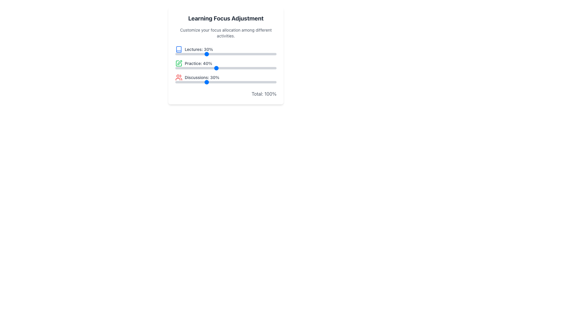  Describe the element at coordinates (198, 63) in the screenshot. I see `the static text label that reads 'Practice: 40%', which is the second entry in a vertical list of focus categories, positioned between 'Lectures: 30%' and 'Discussions: 30%', with a green square icon on its left` at that location.